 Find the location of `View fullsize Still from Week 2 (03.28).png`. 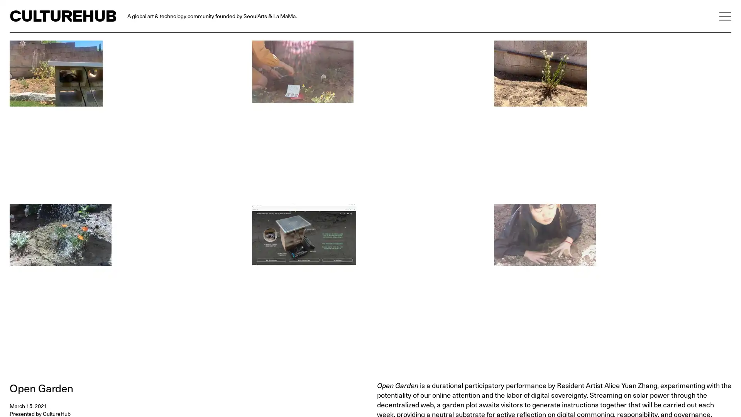

View fullsize Still from Week 2 (03.28).png is located at coordinates (370, 119).